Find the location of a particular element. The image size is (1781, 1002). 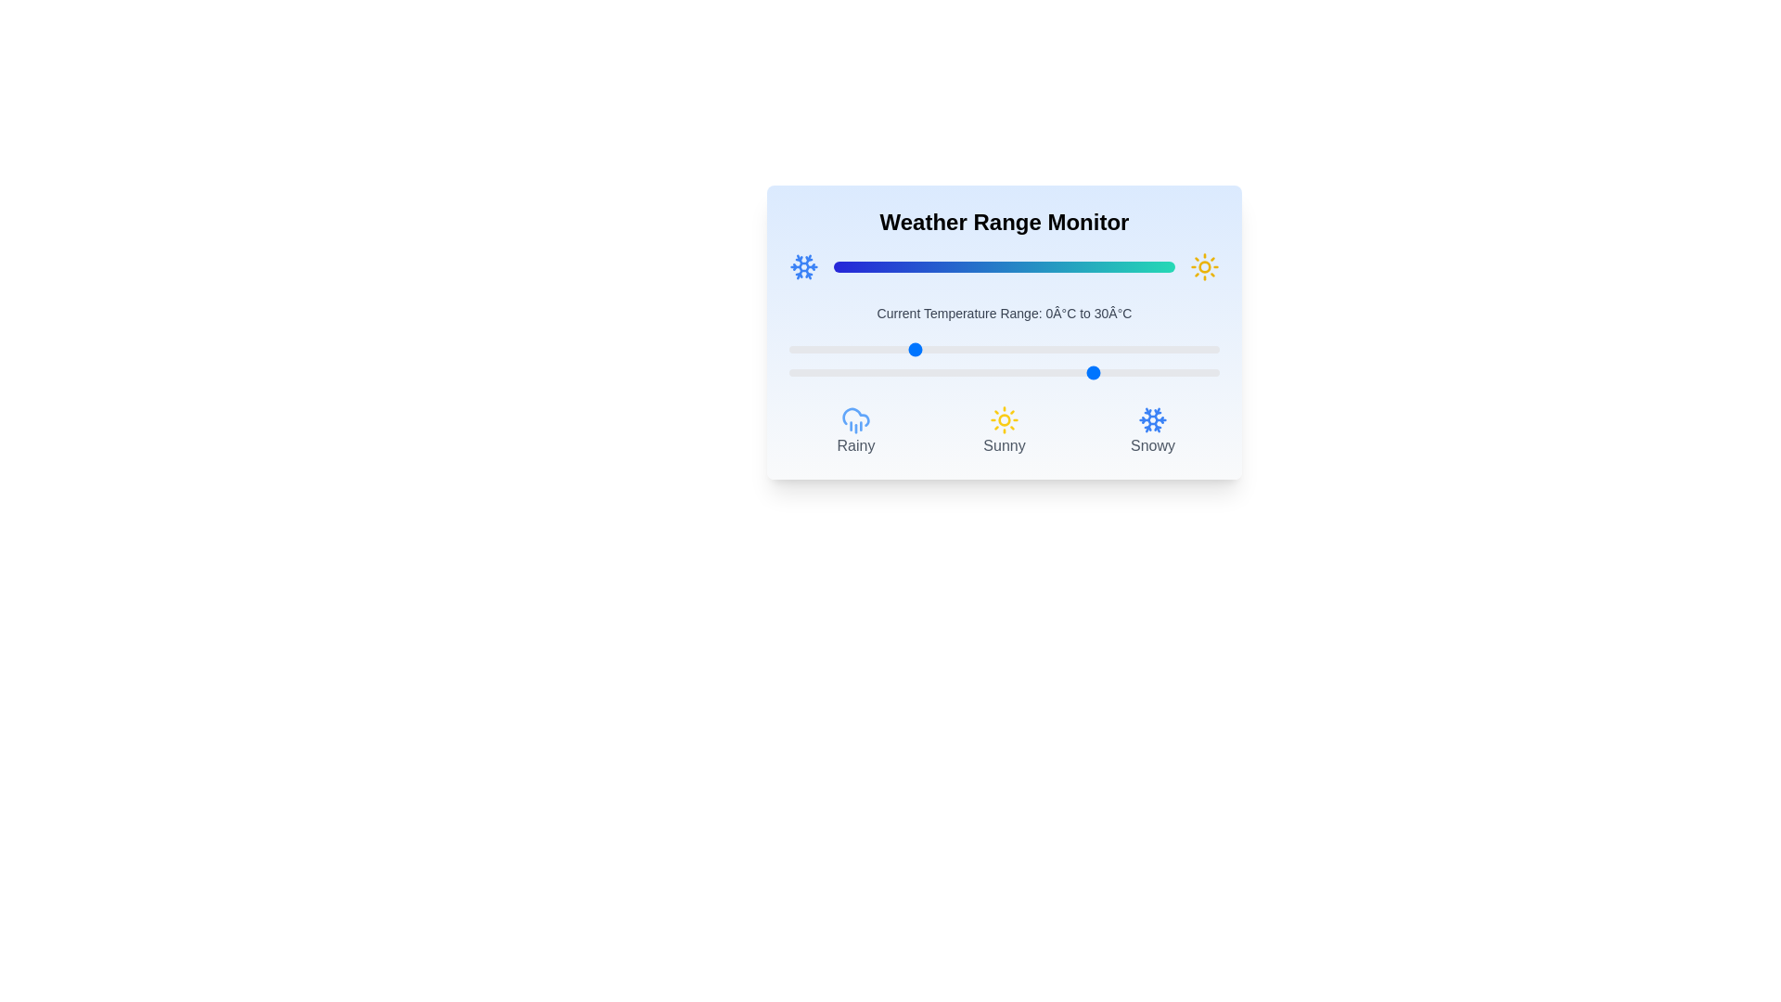

the horizontal graphic scale bar with a gradient background, positioned centrally below the 'Weather Range Monitor' heading and framed by snowflake and sun icons is located at coordinates (1004, 267).